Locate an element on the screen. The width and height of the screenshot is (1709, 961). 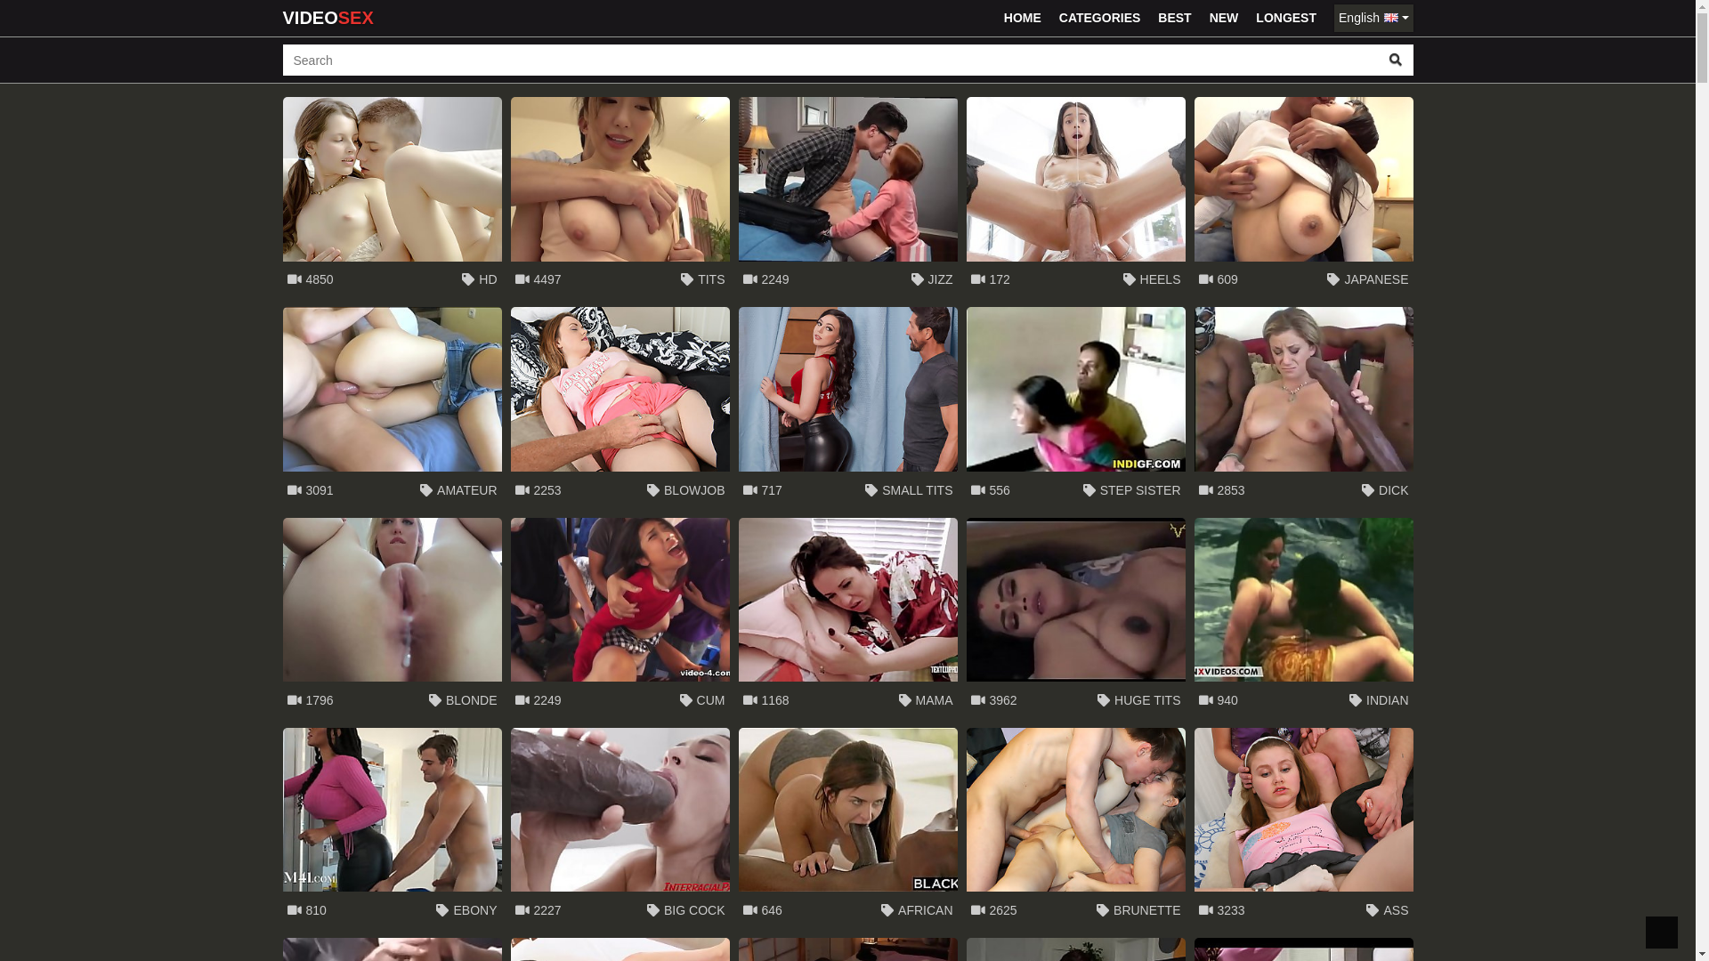
'556 is located at coordinates (1075, 408).